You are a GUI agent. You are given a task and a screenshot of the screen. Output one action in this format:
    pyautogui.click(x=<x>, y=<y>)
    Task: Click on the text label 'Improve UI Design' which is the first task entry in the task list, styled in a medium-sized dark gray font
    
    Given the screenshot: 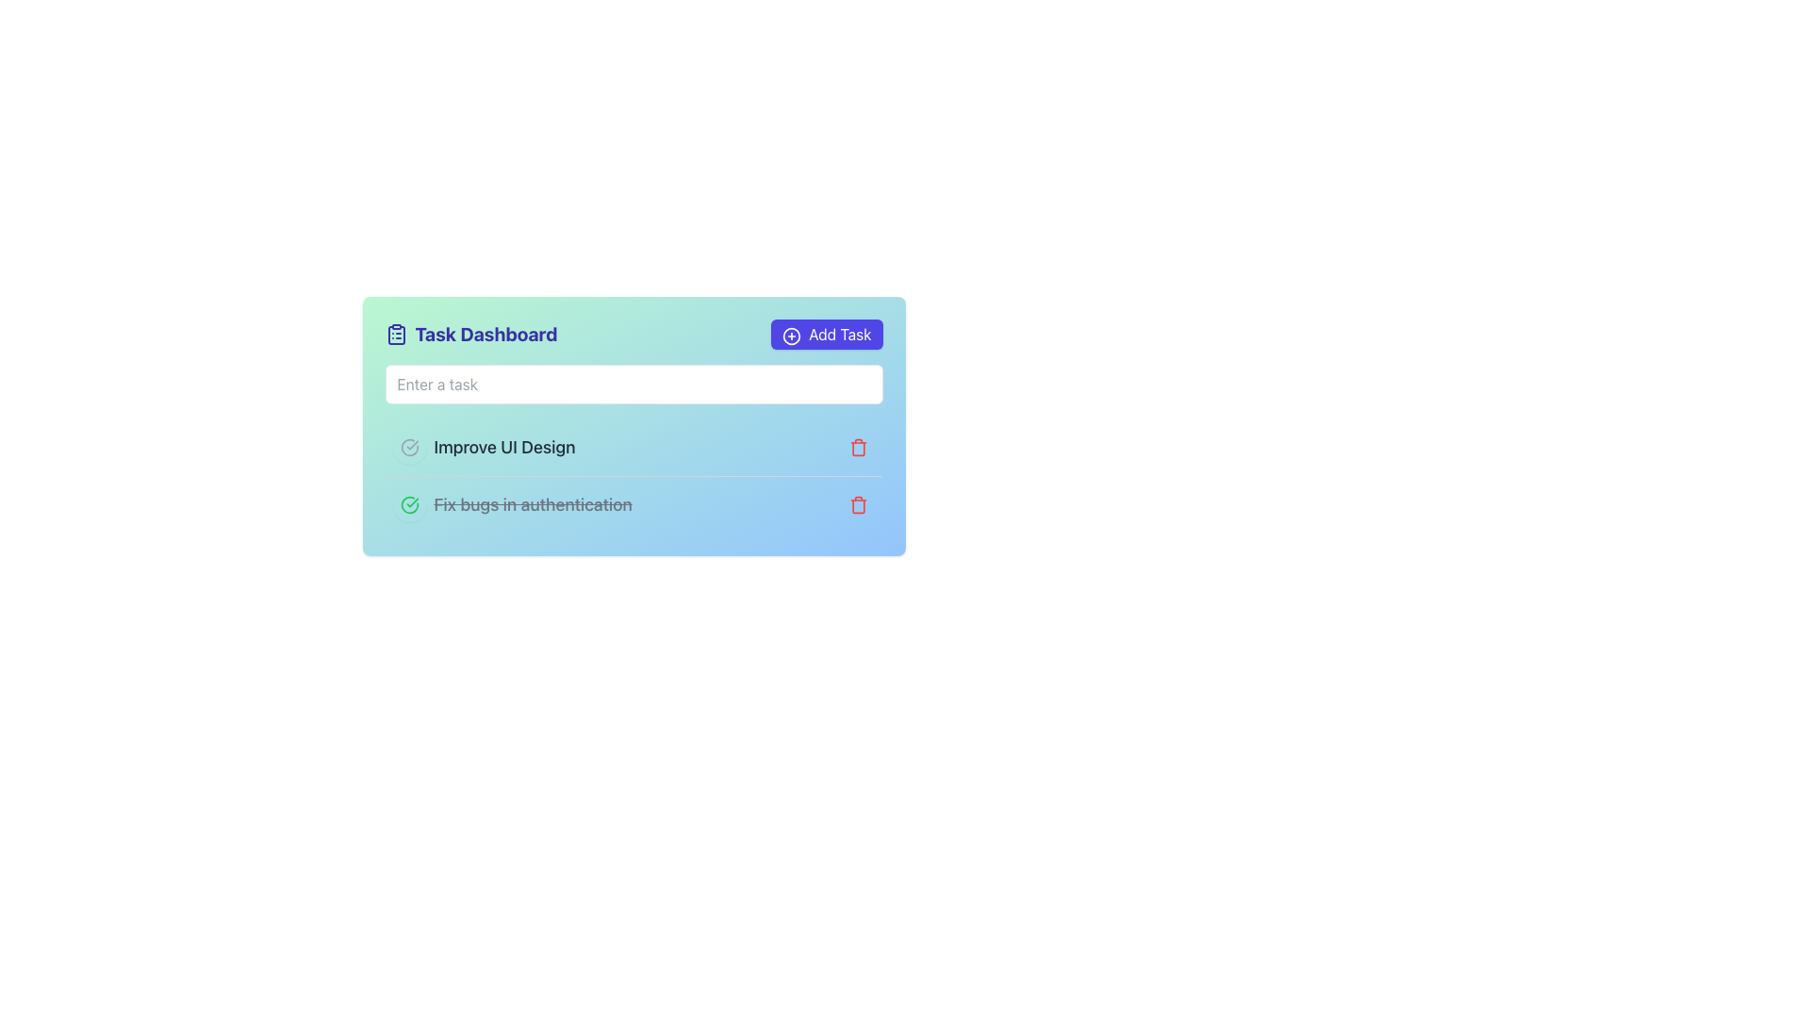 What is the action you would take?
    pyautogui.click(x=504, y=447)
    